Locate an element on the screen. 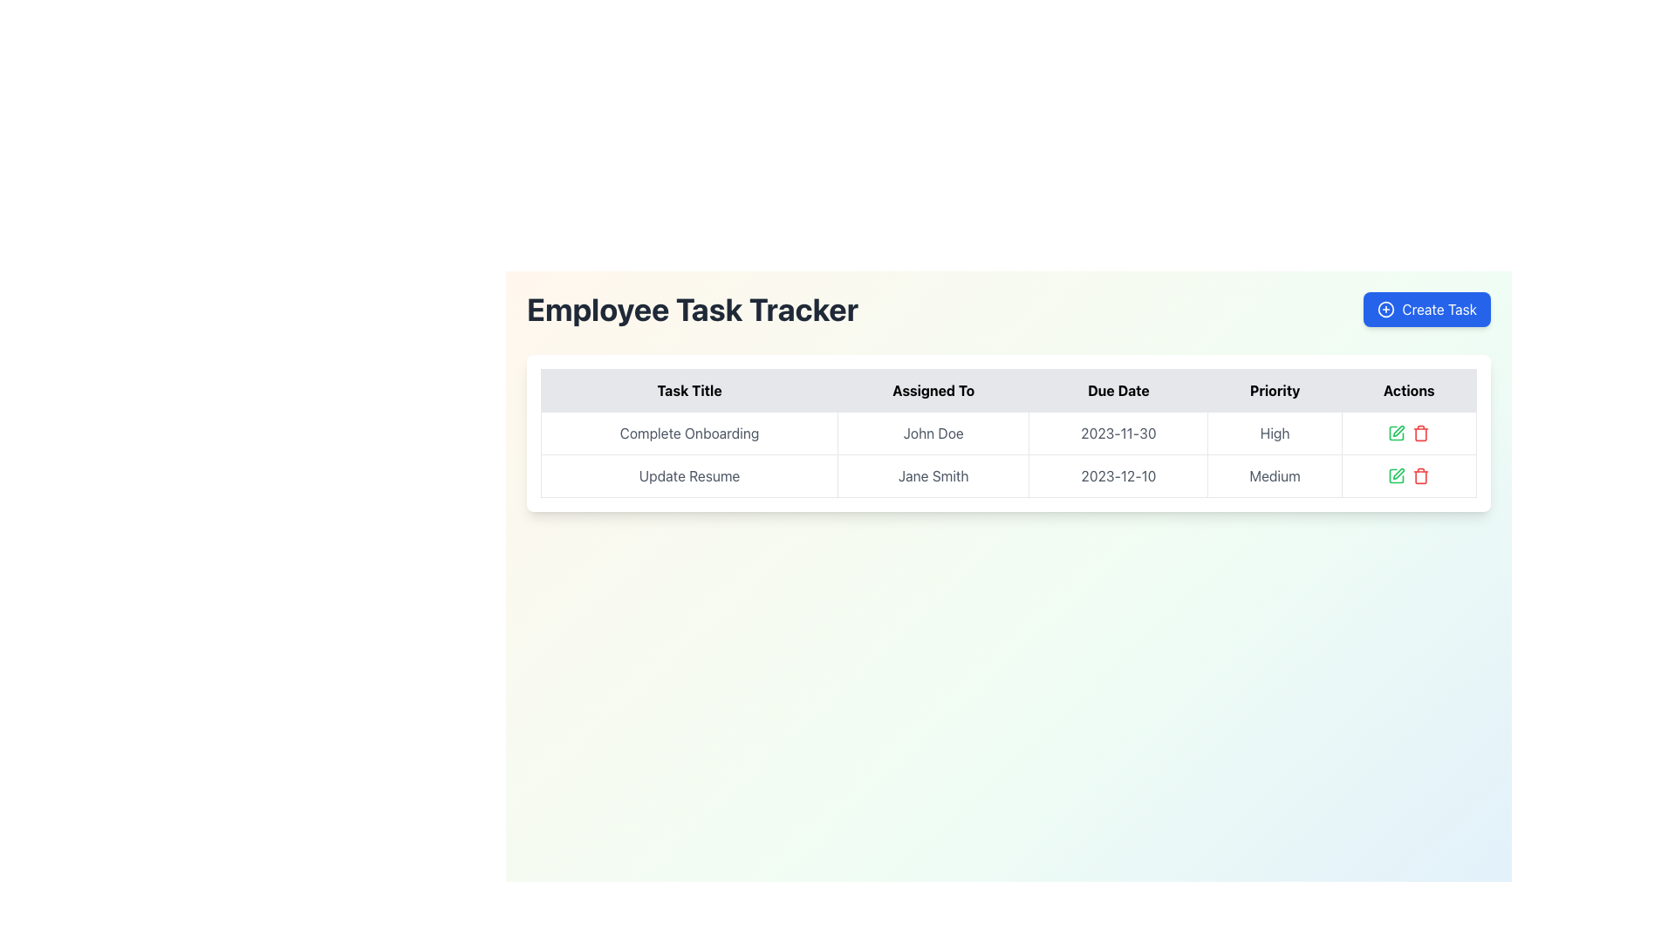  the 'Due Date' text label element, which is a bold black text on a light gray background, located in the table header row between 'Assigned To' and 'Priority' is located at coordinates (1118, 389).